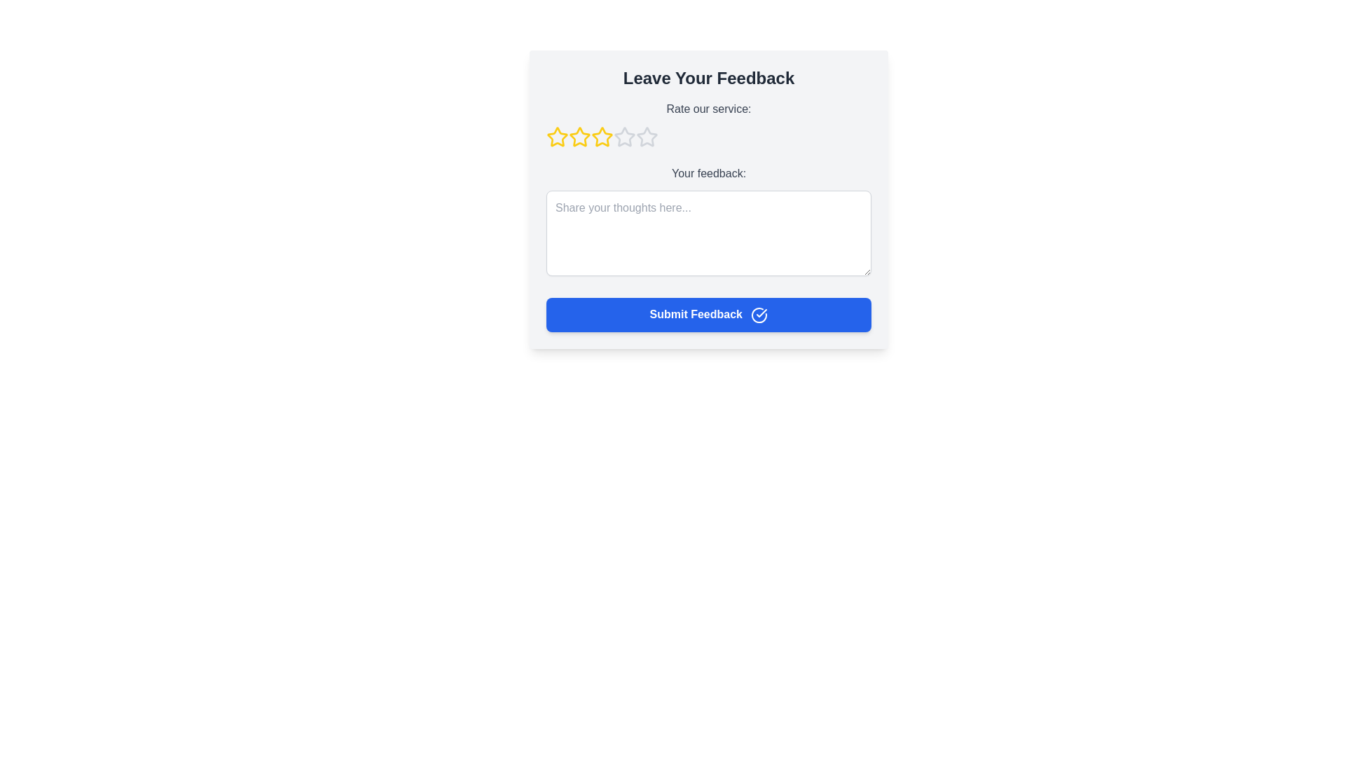 This screenshot has width=1345, height=757. I want to click on the third rating star in the horizontal set of five stars, so click(602, 137).